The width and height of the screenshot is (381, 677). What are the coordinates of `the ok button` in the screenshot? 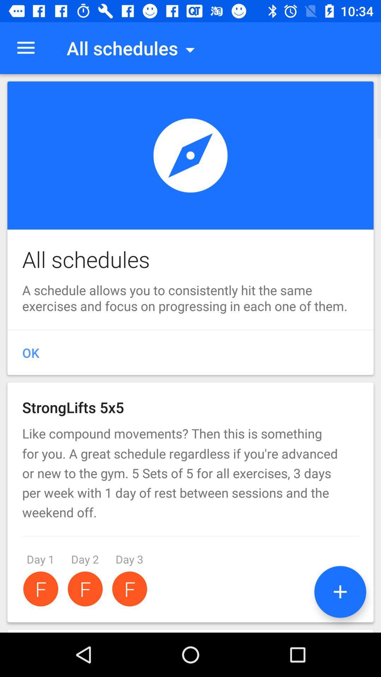 It's located at (190, 353).